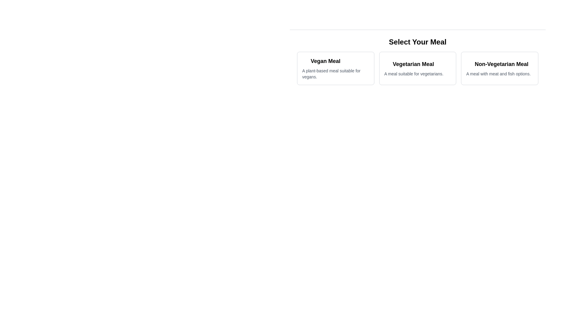  I want to click on text label indicating the name of the meal option located in the center of the meal option card, so click(417, 64).